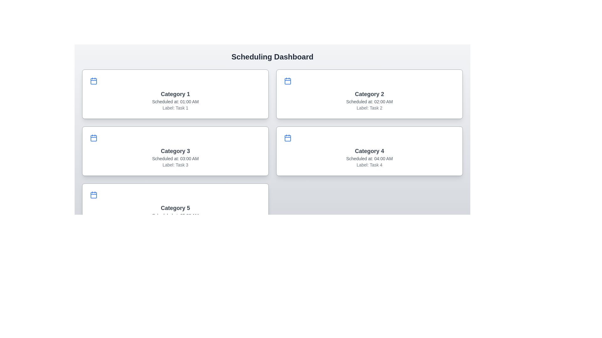 This screenshot has height=338, width=602. What do you see at coordinates (175, 165) in the screenshot?
I see `the text label displaying 'Label: Task 3' positioned at the bottom of the 'Category 3' card in the grid layout` at bounding box center [175, 165].